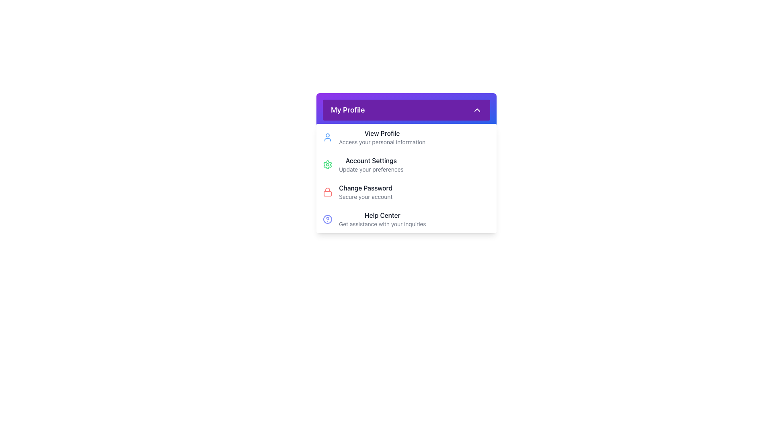  Describe the element at coordinates (382, 219) in the screenshot. I see `the Text Display element located in the dropdown menu under 'My Profile' that informs users about receiving help or assistance, positioned as the fourth item in the list` at that location.